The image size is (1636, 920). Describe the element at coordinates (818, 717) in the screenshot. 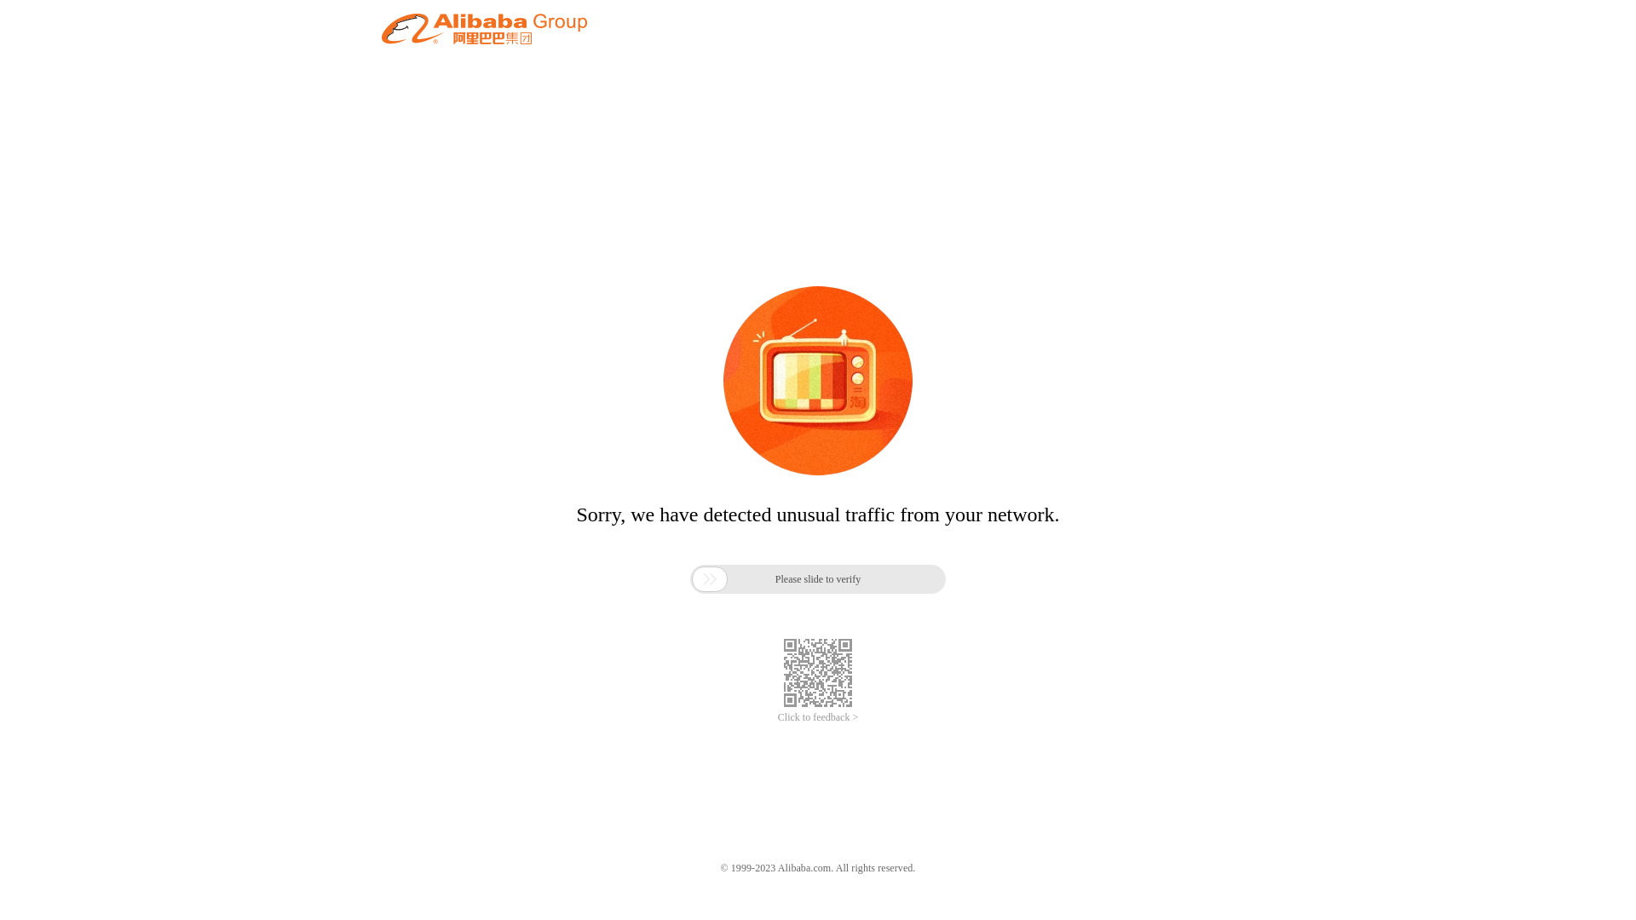

I see `'Click to feedback >'` at that location.